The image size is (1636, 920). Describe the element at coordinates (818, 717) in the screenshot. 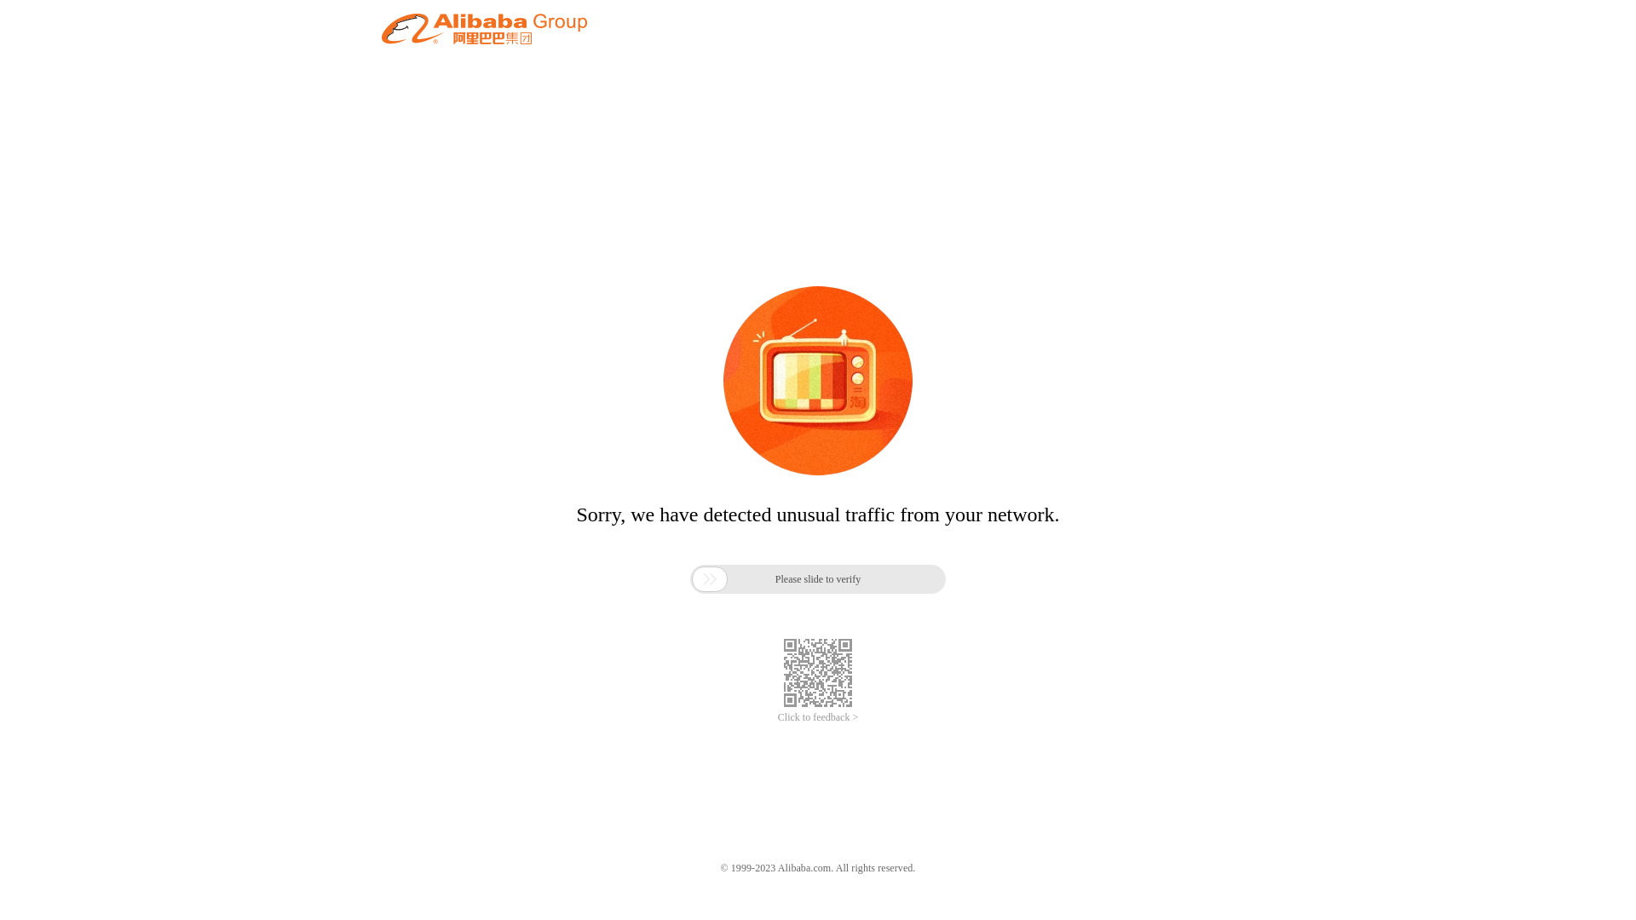

I see `'Click to feedback >'` at that location.